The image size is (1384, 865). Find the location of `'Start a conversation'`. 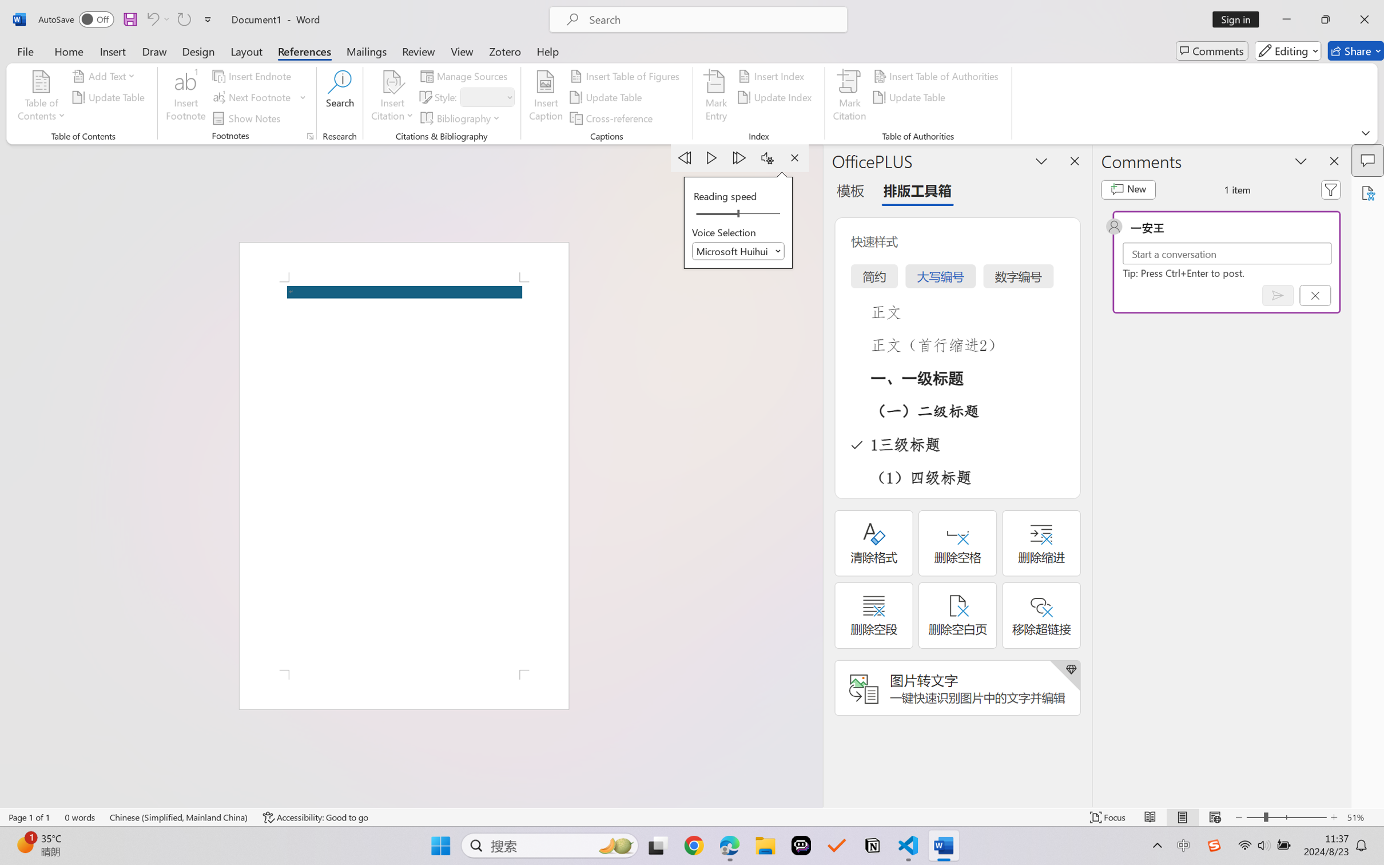

'Start a conversation' is located at coordinates (1227, 253).